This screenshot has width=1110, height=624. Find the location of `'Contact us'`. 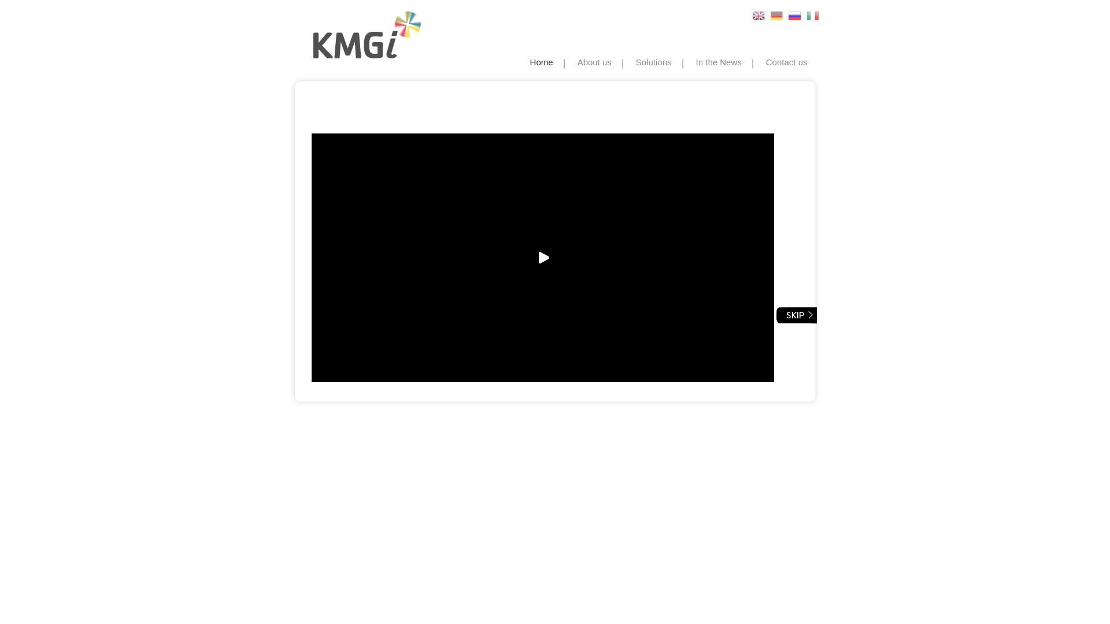

'Contact us' is located at coordinates (786, 62).